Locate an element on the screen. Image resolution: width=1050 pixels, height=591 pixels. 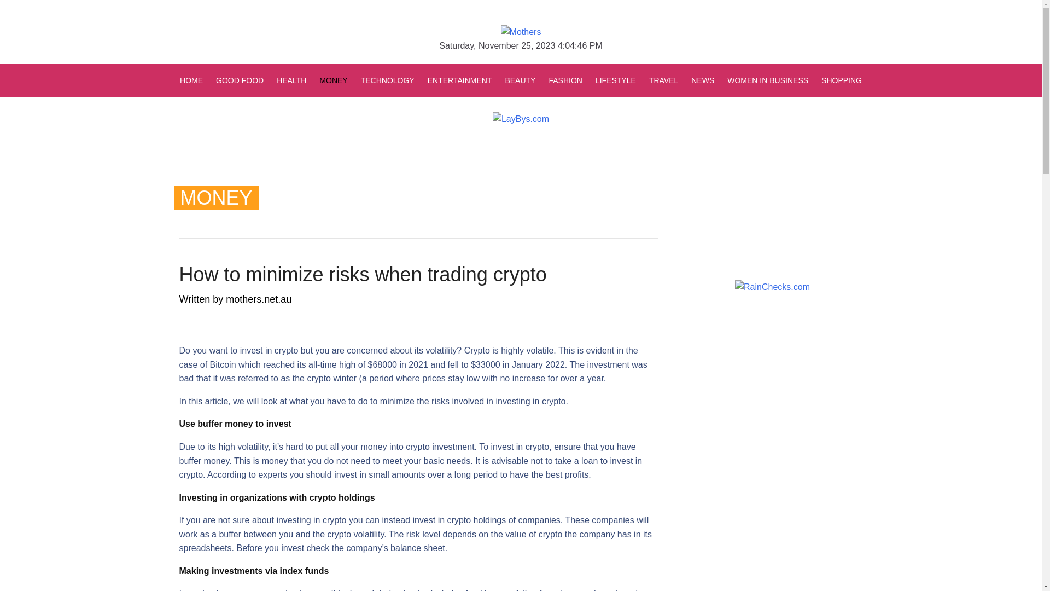
'WOMEN IN BUSINESS' is located at coordinates (721, 79).